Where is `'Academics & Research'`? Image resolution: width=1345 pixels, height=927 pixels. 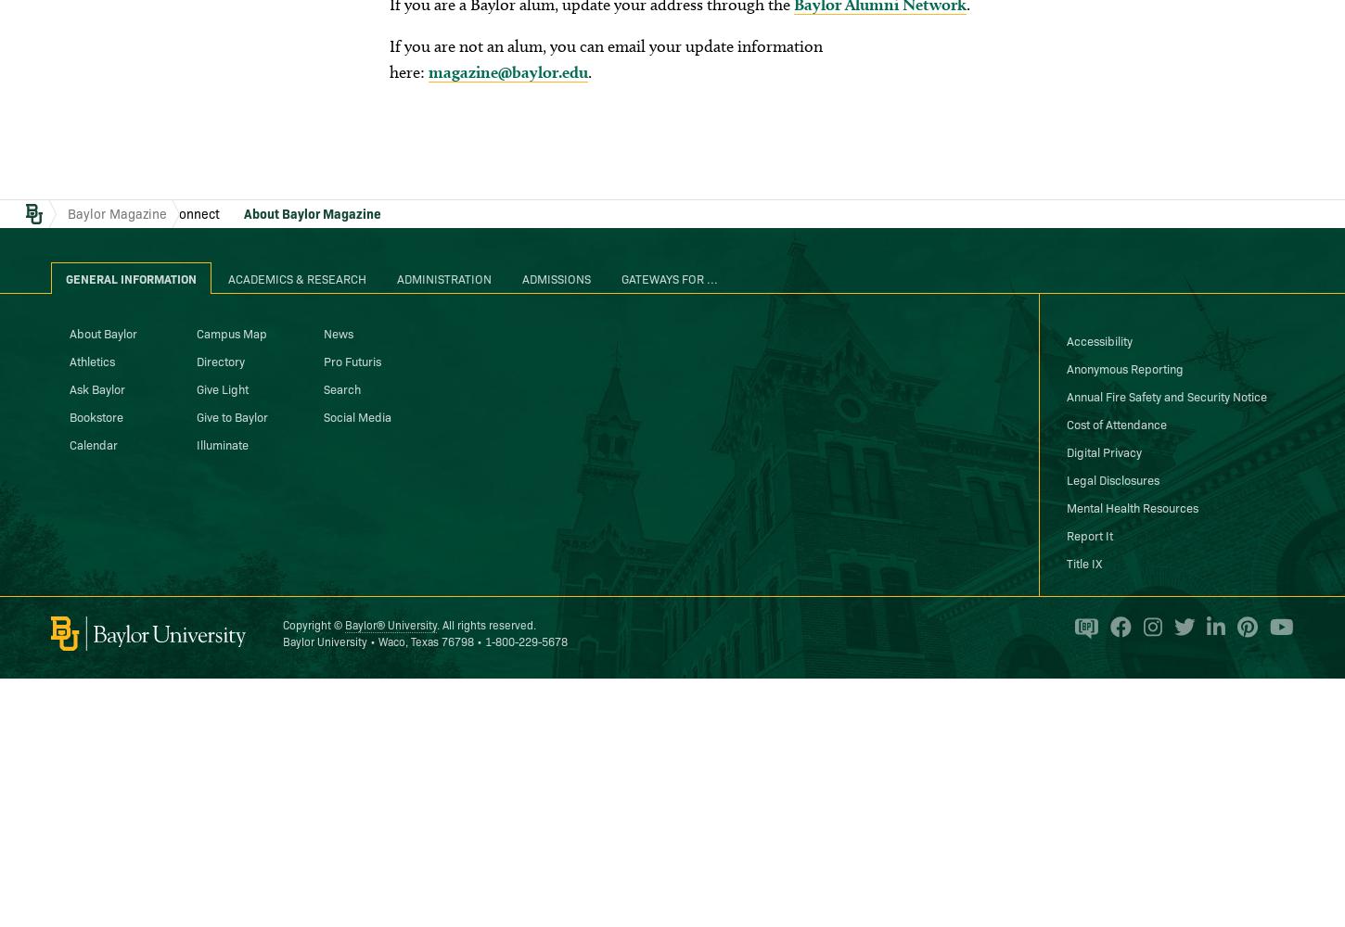
'Academics & Research' is located at coordinates (297, 277).